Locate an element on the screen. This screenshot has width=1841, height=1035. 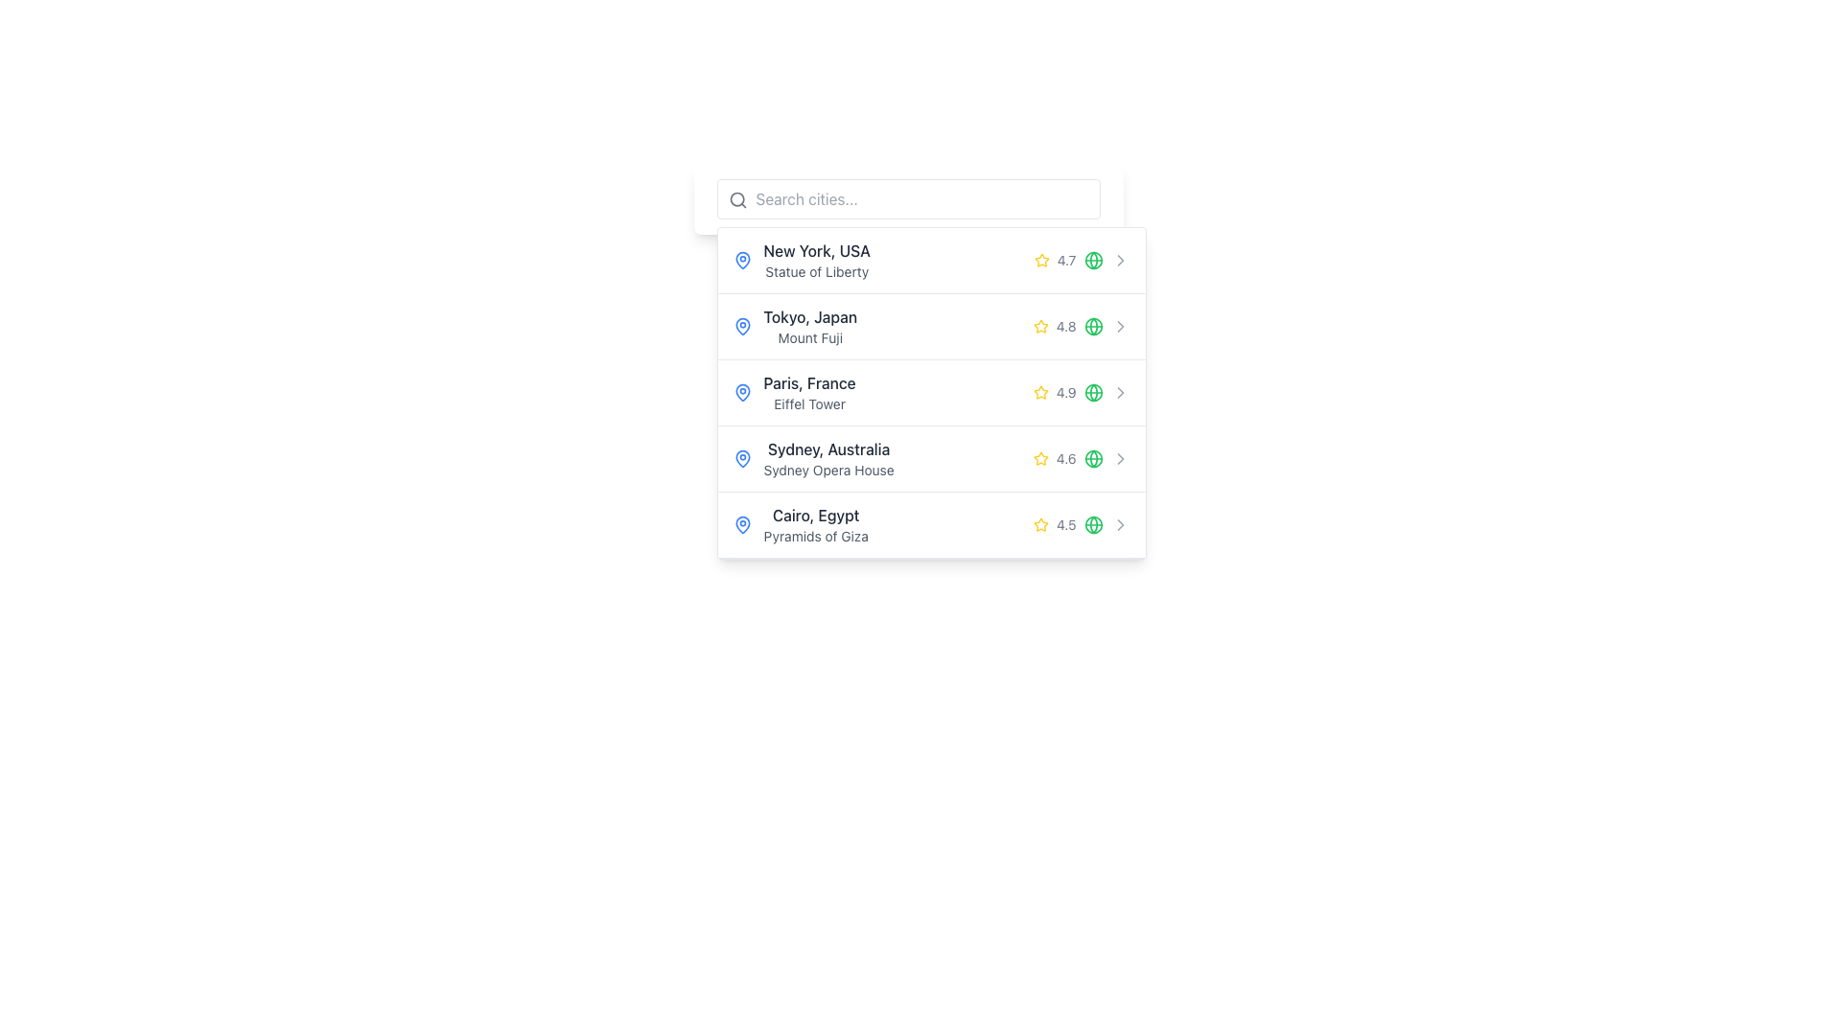
the SVG circle element that symbolizes the lens of the magnifying glass, located to the left of the search input box with the placeholder text 'Search cities...' is located at coordinates (735, 199).